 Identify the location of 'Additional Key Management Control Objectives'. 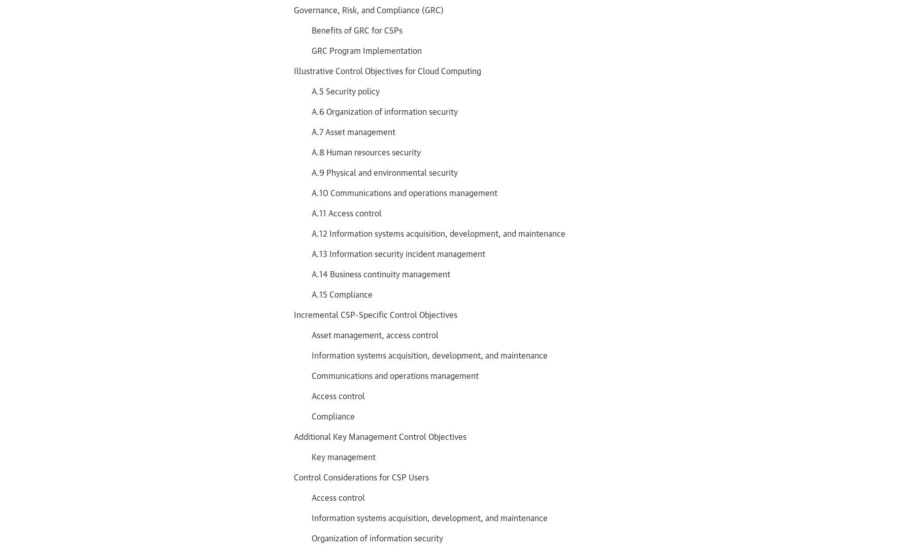
(380, 436).